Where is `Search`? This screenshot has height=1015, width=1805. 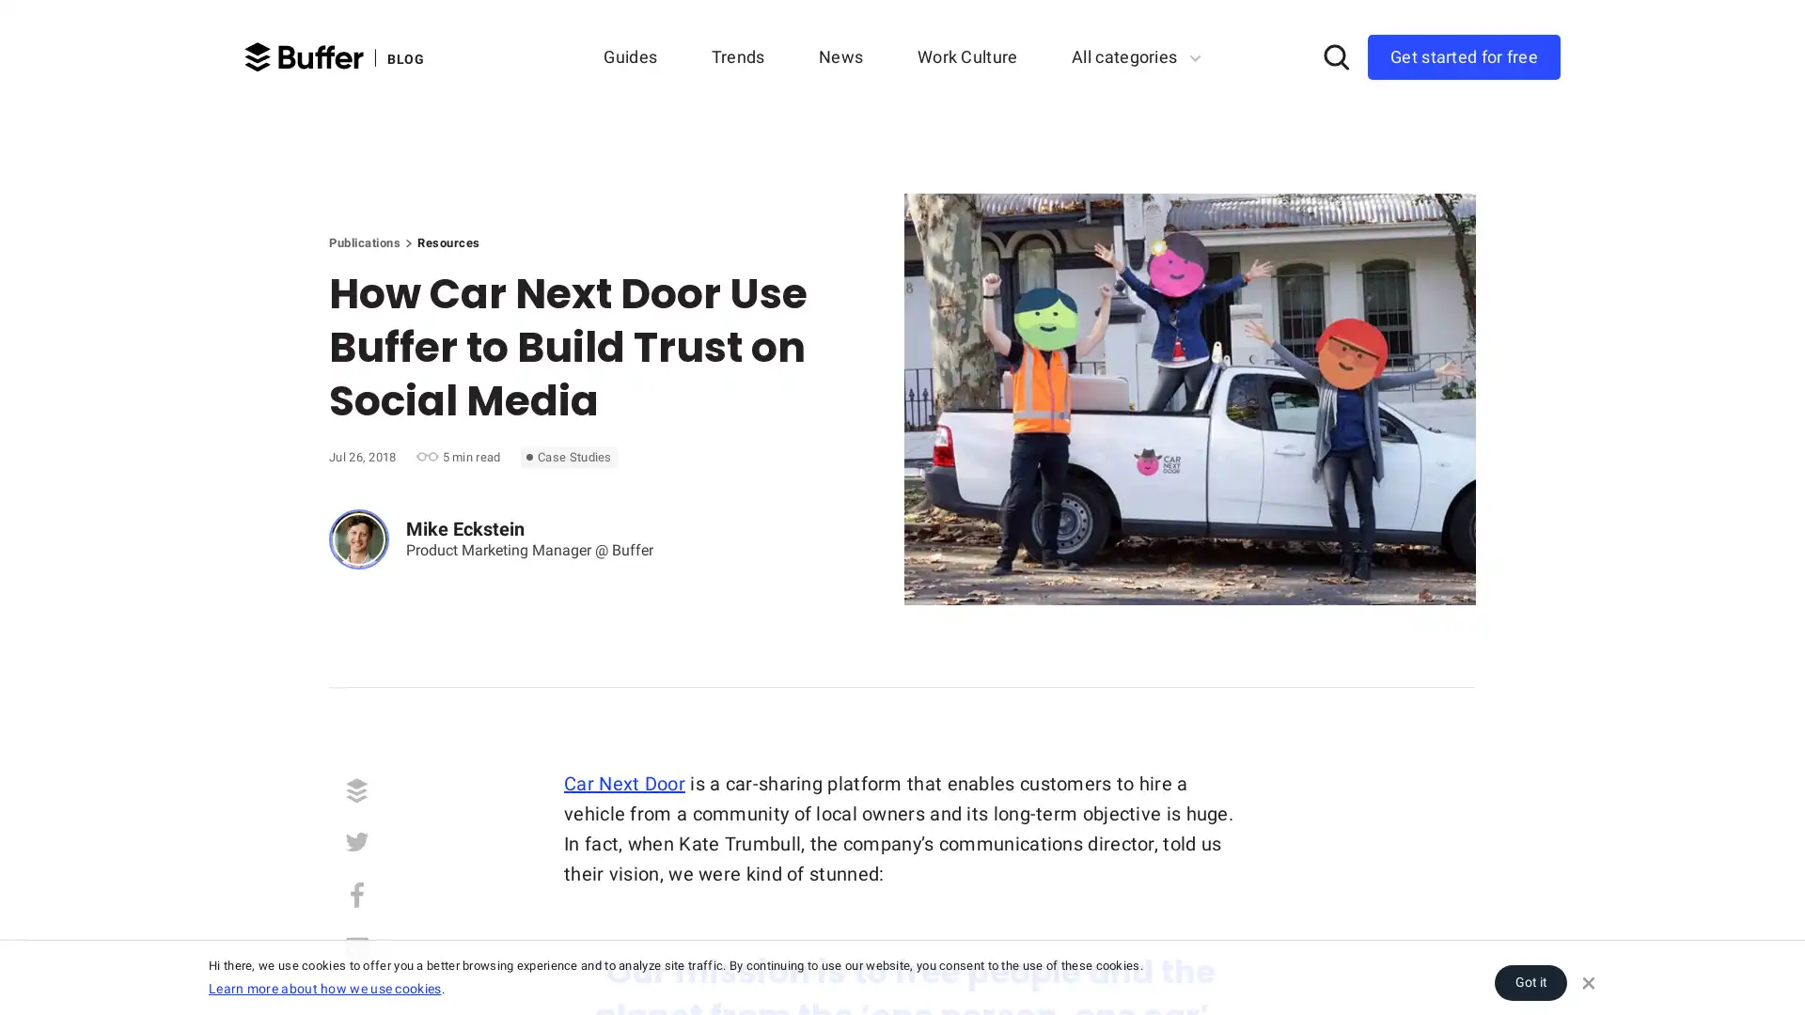
Search is located at coordinates (1330, 56).